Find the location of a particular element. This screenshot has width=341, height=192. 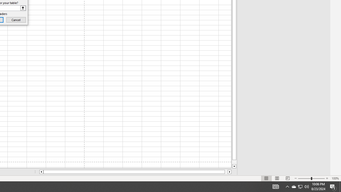

'Page right' is located at coordinates (226, 172).